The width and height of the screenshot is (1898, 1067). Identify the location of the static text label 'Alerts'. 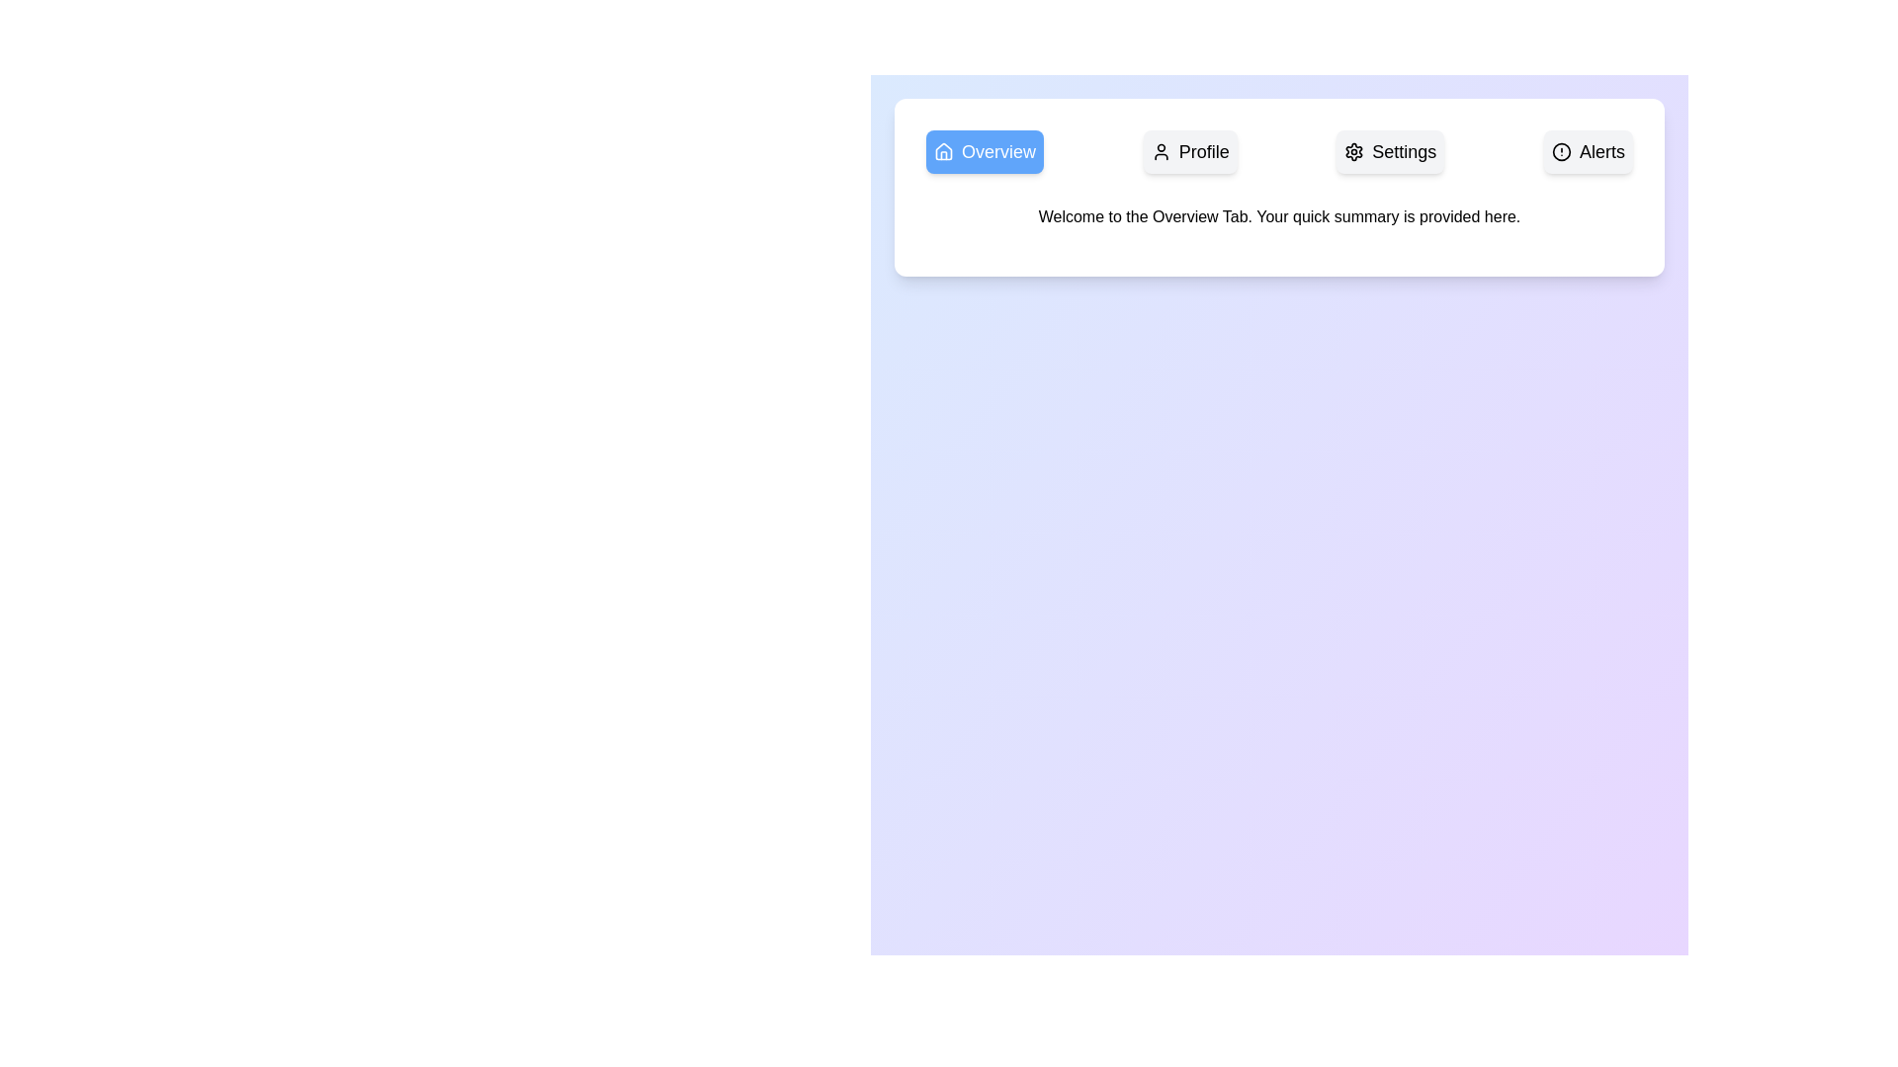
(1602, 151).